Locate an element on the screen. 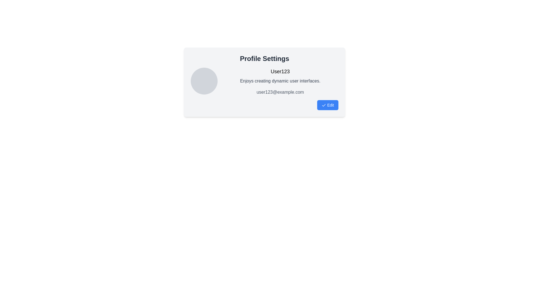  the Text label providing descriptive information about the user's interests or activities, located below 'User123' and above 'user123@example.com' is located at coordinates (280, 81).